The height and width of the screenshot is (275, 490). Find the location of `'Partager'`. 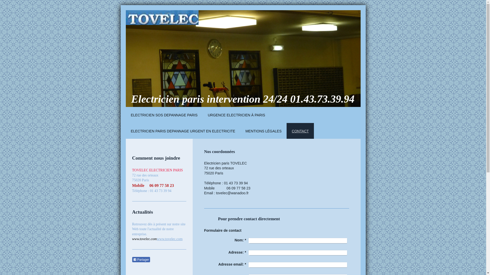

'Partager' is located at coordinates (141, 259).